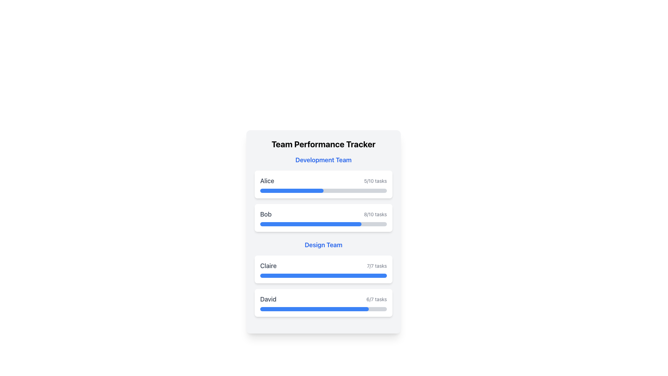 This screenshot has height=376, width=668. Describe the element at coordinates (323, 201) in the screenshot. I see `text from the Task progress display component showing the progress for team members Alice and Bob, which includes their names, completed versus total tasks, and the progress bar indicating completion percentage` at that location.